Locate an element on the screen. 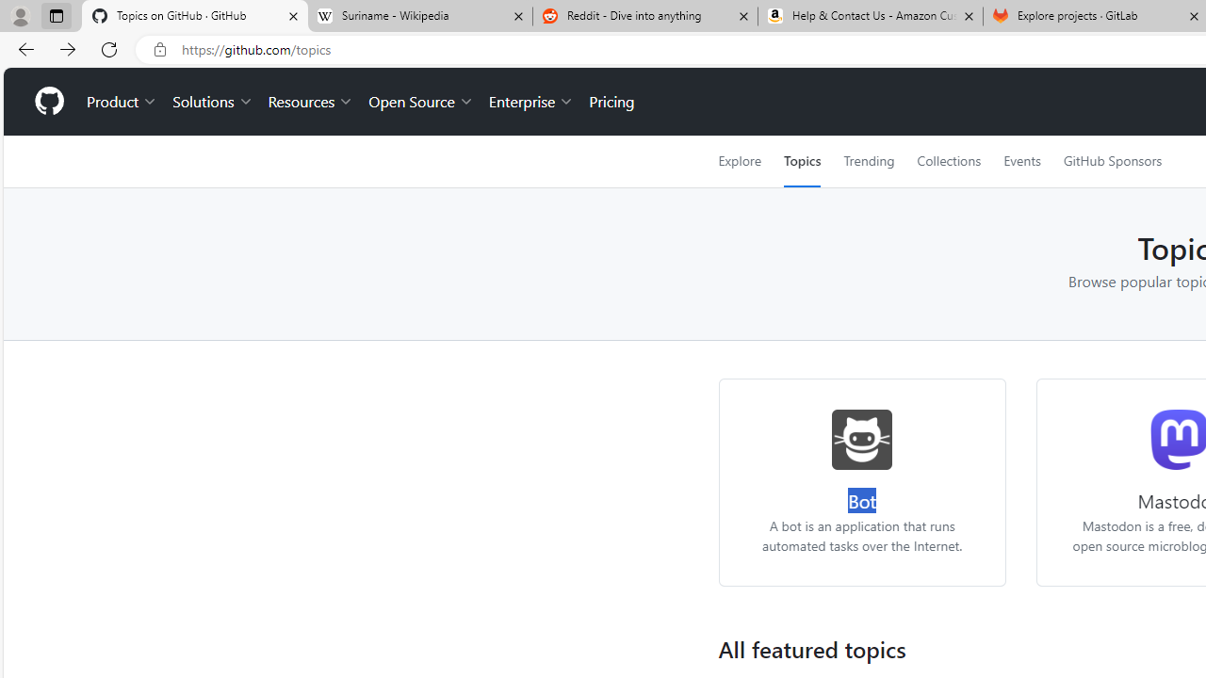  'Homepage' is located at coordinates (48, 102).